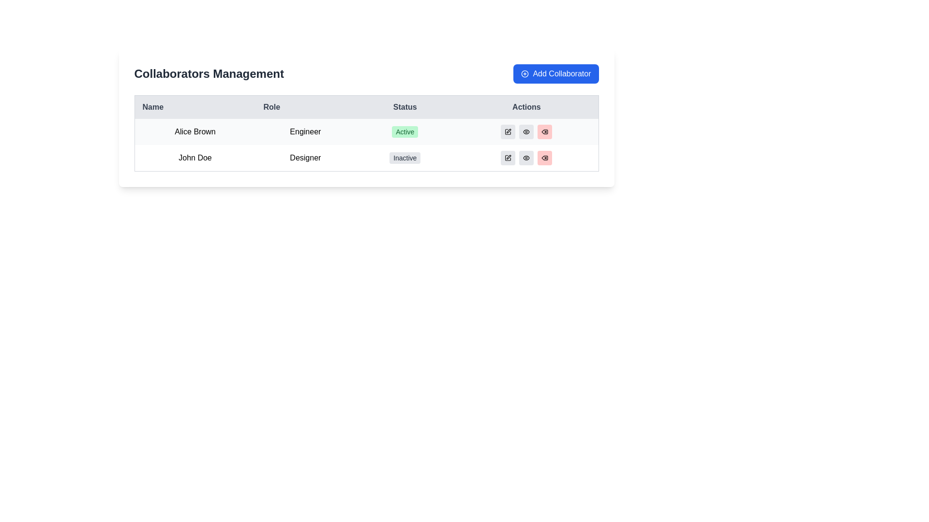 The image size is (929, 522). I want to click on the second button in the Actions column, which has a gray background and an eye icon, so click(526, 132).